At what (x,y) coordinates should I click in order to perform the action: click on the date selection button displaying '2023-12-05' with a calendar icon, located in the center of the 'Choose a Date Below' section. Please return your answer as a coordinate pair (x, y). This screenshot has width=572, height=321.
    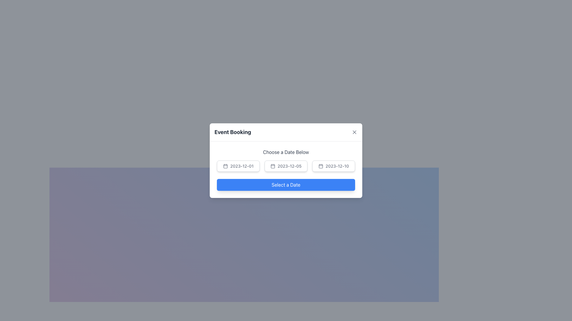
    Looking at the image, I should click on (286, 166).